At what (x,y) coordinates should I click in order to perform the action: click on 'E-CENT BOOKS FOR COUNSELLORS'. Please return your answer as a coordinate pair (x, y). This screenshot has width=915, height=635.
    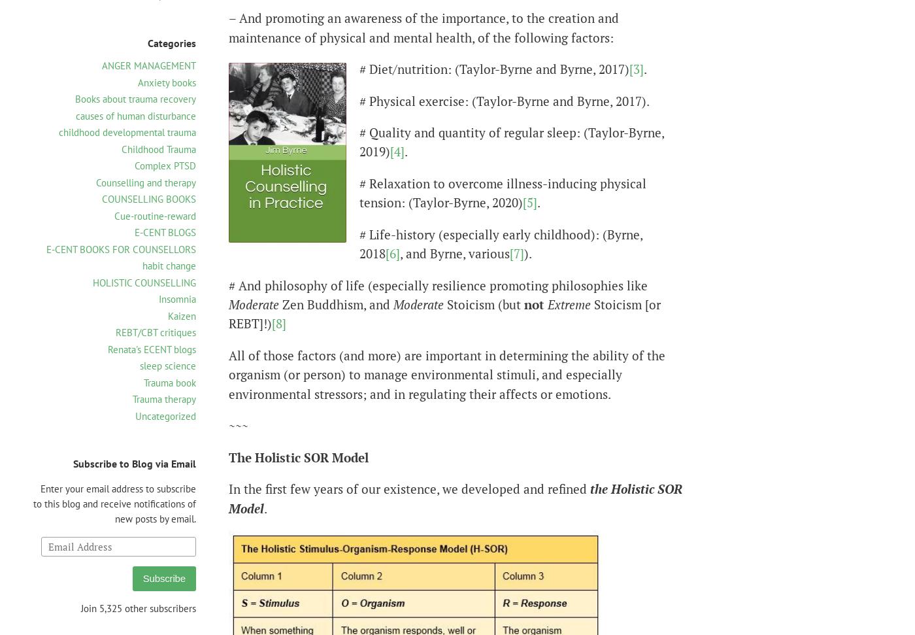
    Looking at the image, I should click on (121, 248).